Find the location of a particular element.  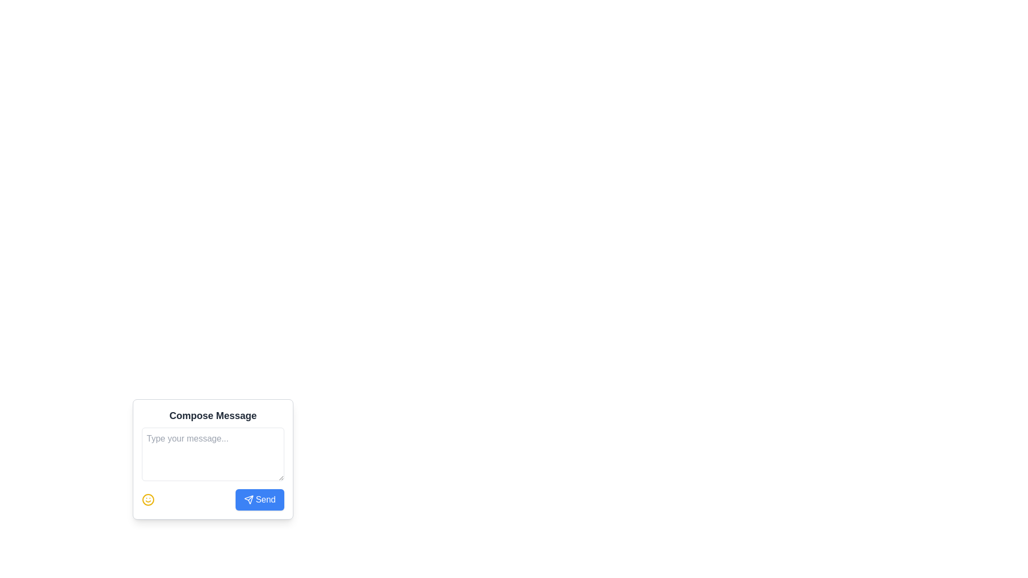

the 'Send' button located in the bottom-right area of the chat box interface, which features a paper plane icon suggesting the action of sending a message is located at coordinates (248, 499).